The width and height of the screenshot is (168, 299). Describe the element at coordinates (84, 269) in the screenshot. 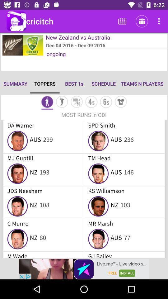

I see `advertisement` at that location.